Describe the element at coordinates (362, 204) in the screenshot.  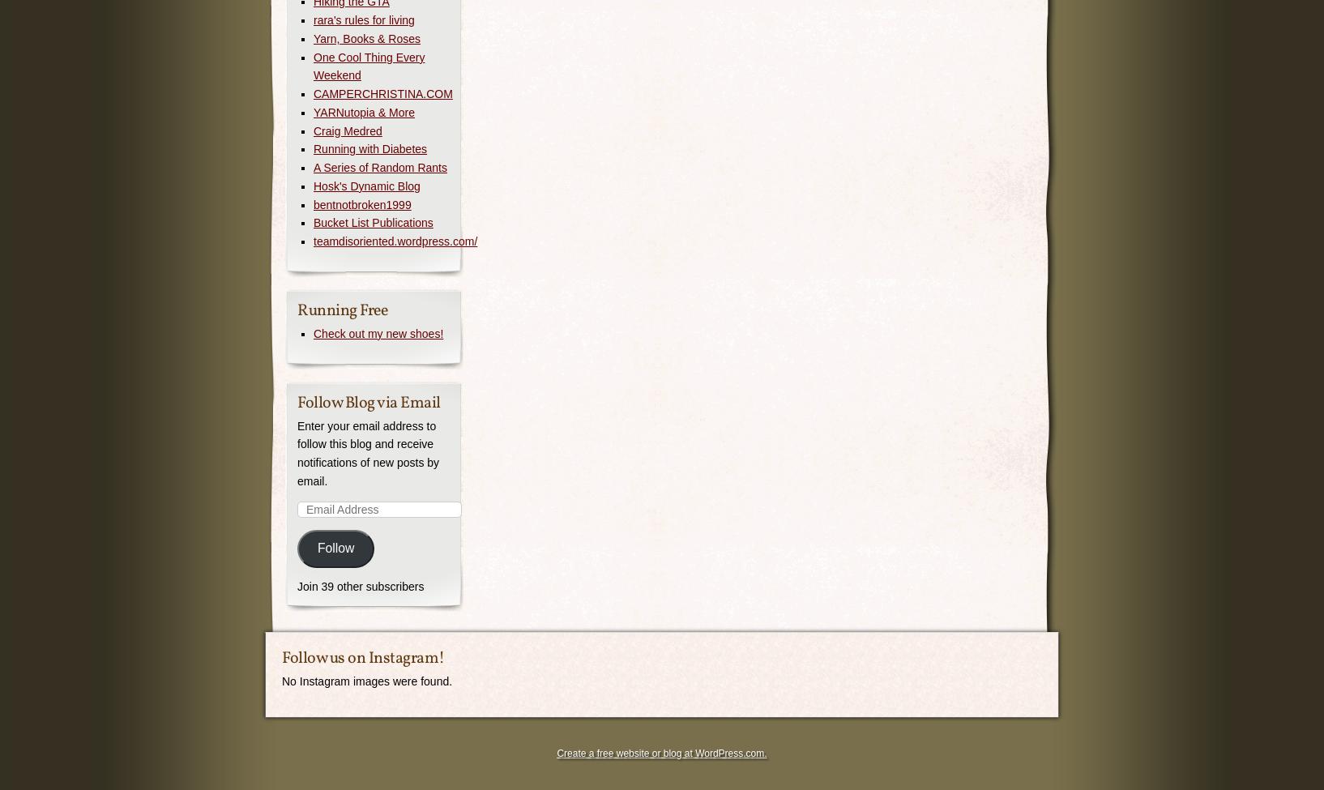
I see `'bentnotbroken1999'` at that location.